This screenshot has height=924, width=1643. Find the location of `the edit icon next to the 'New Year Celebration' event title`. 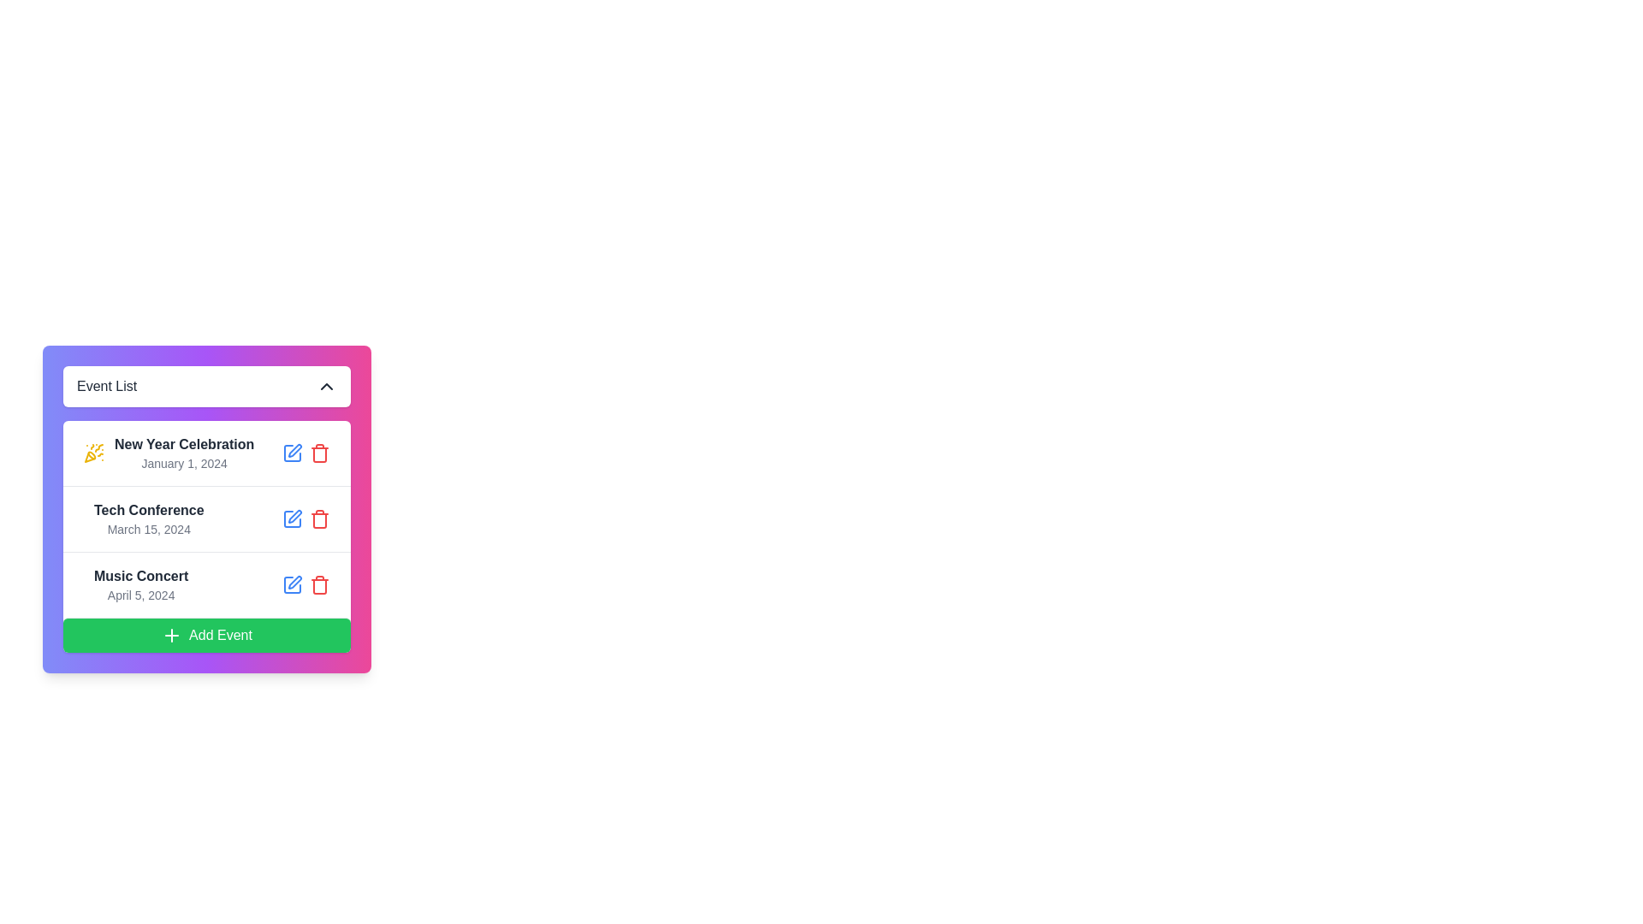

the edit icon next to the 'New Year Celebration' event title is located at coordinates (295, 450).